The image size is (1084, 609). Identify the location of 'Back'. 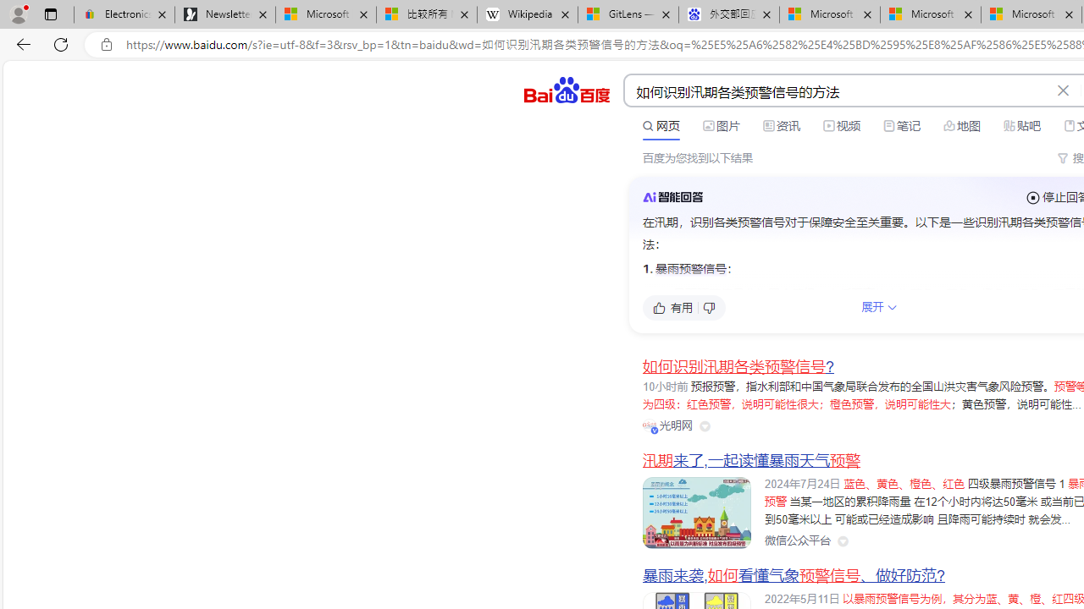
(20, 43).